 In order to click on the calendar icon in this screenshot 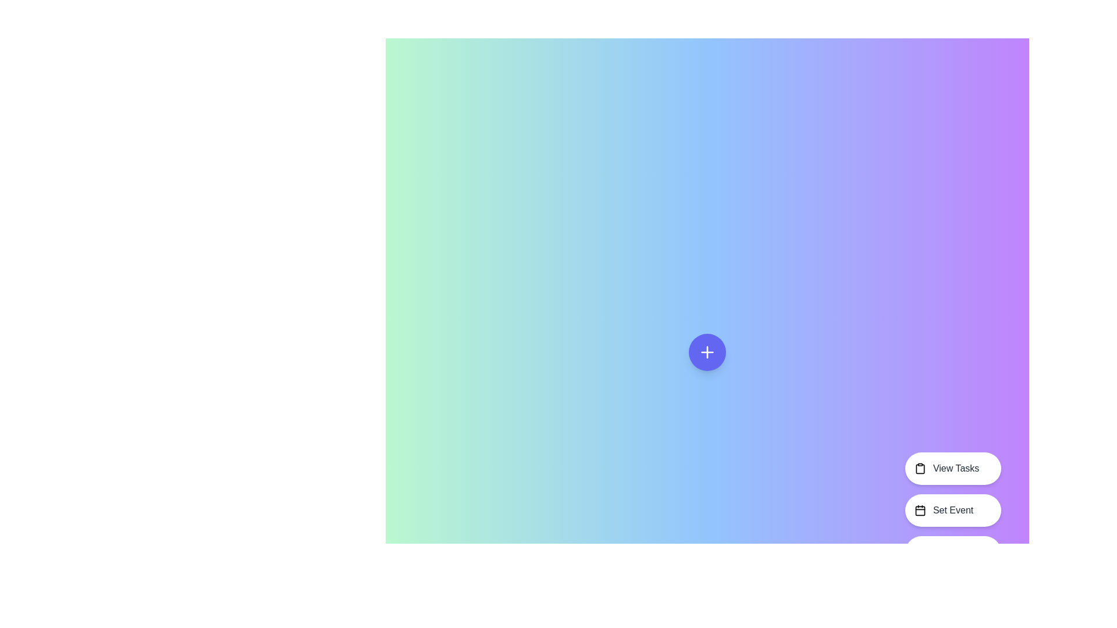, I will do `click(919, 510)`.